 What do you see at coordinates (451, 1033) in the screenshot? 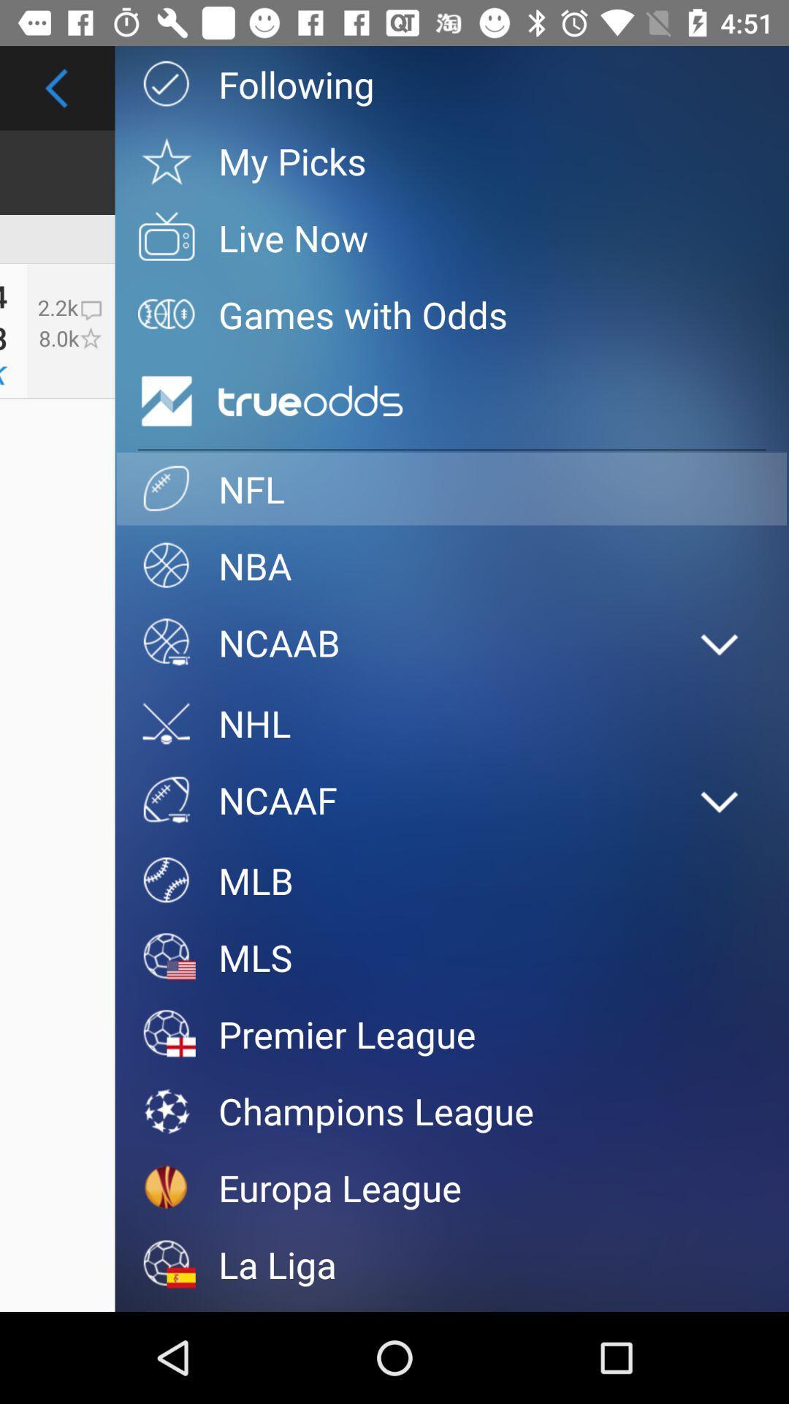
I see `the icon below the mls item` at bounding box center [451, 1033].